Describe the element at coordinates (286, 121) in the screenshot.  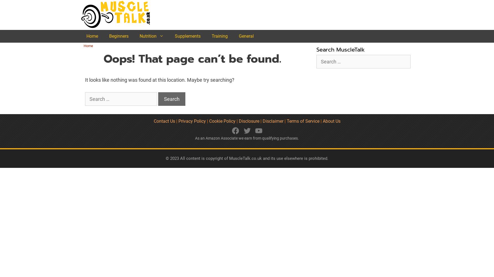
I see `'Terms of Service'` at that location.